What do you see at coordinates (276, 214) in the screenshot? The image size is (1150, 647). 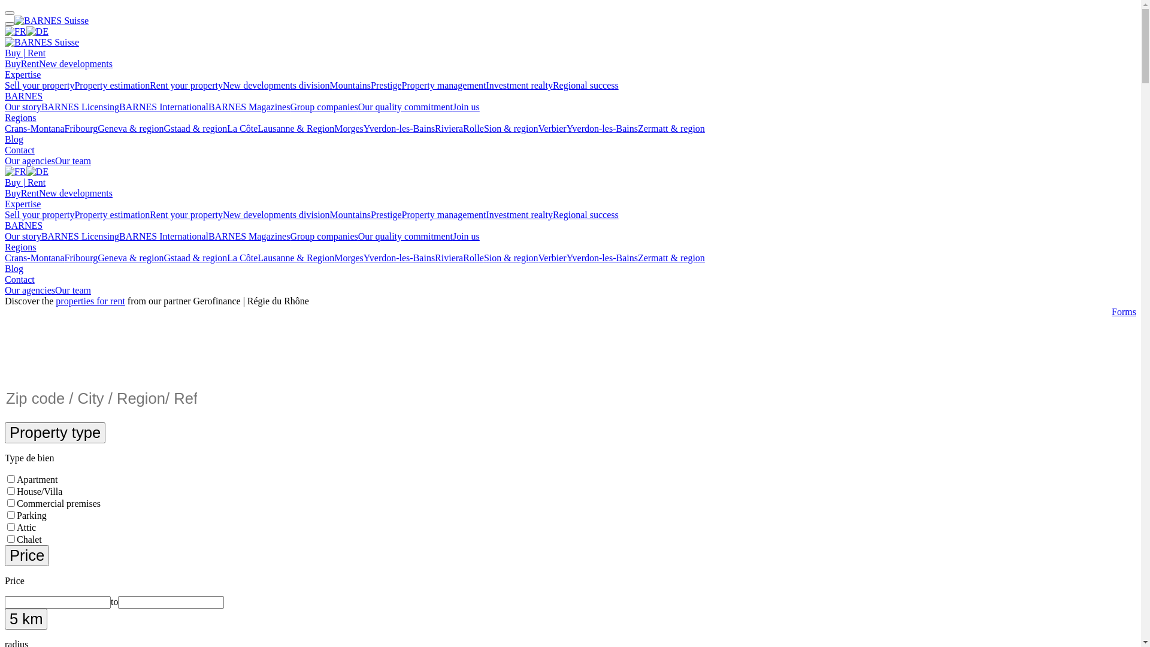 I see `'New developments division'` at bounding box center [276, 214].